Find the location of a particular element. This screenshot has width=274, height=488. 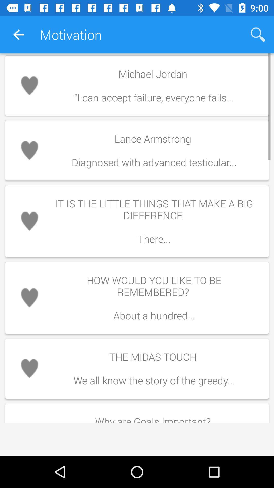

the icon above how would you item is located at coordinates (154, 221).